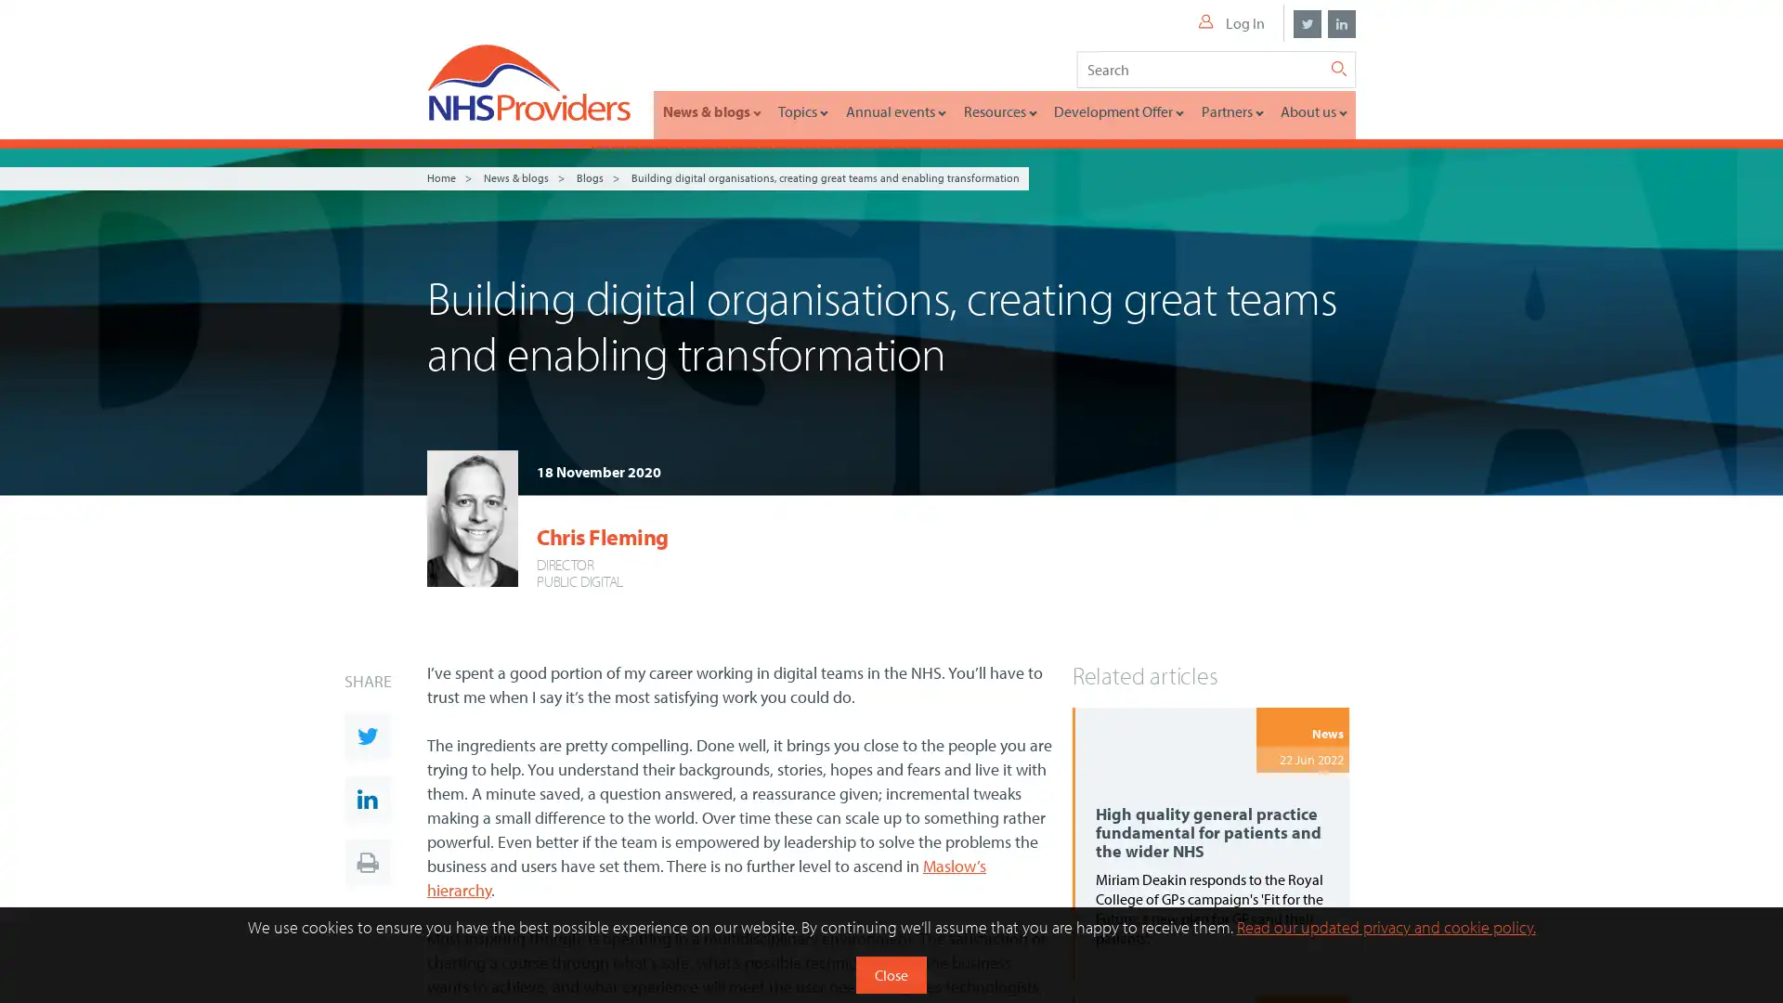 The image size is (1783, 1003). What do you see at coordinates (1341, 68) in the screenshot?
I see `Search` at bounding box center [1341, 68].